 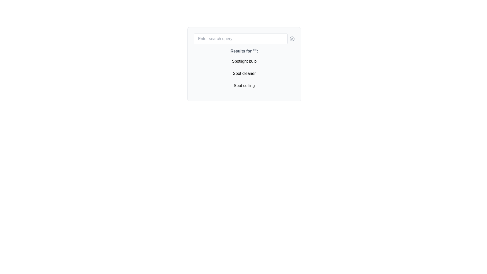 I want to click on the button located to the right of the text input field to clear the user's input, so click(x=292, y=39).